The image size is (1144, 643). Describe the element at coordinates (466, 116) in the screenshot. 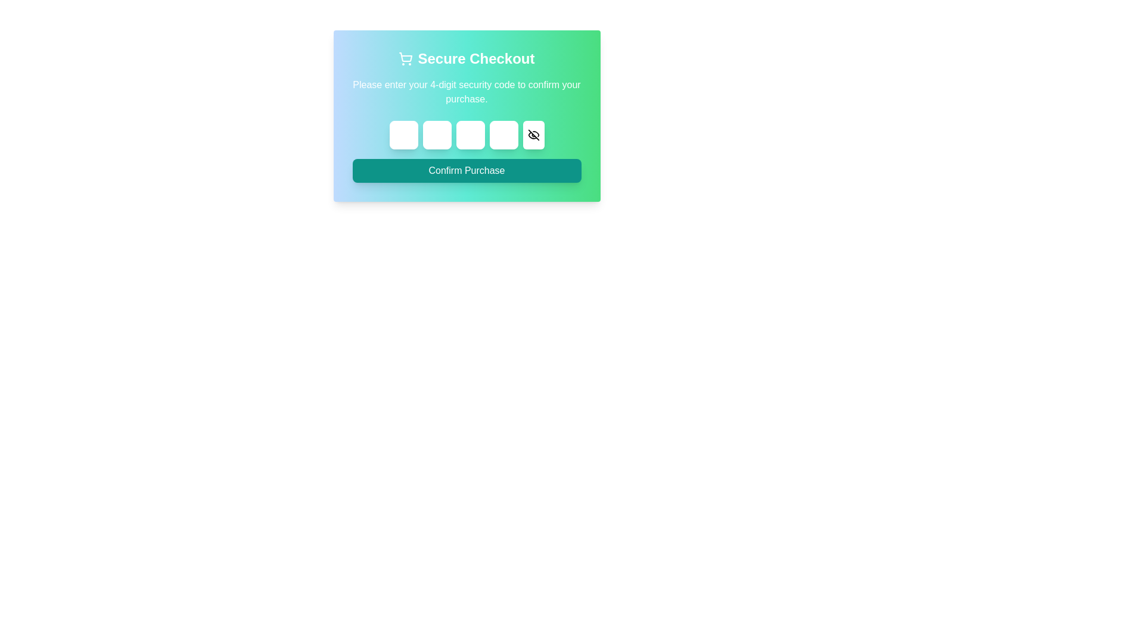

I see `the input fields in the 'Secure Checkout' dialog box to focus on them` at that location.